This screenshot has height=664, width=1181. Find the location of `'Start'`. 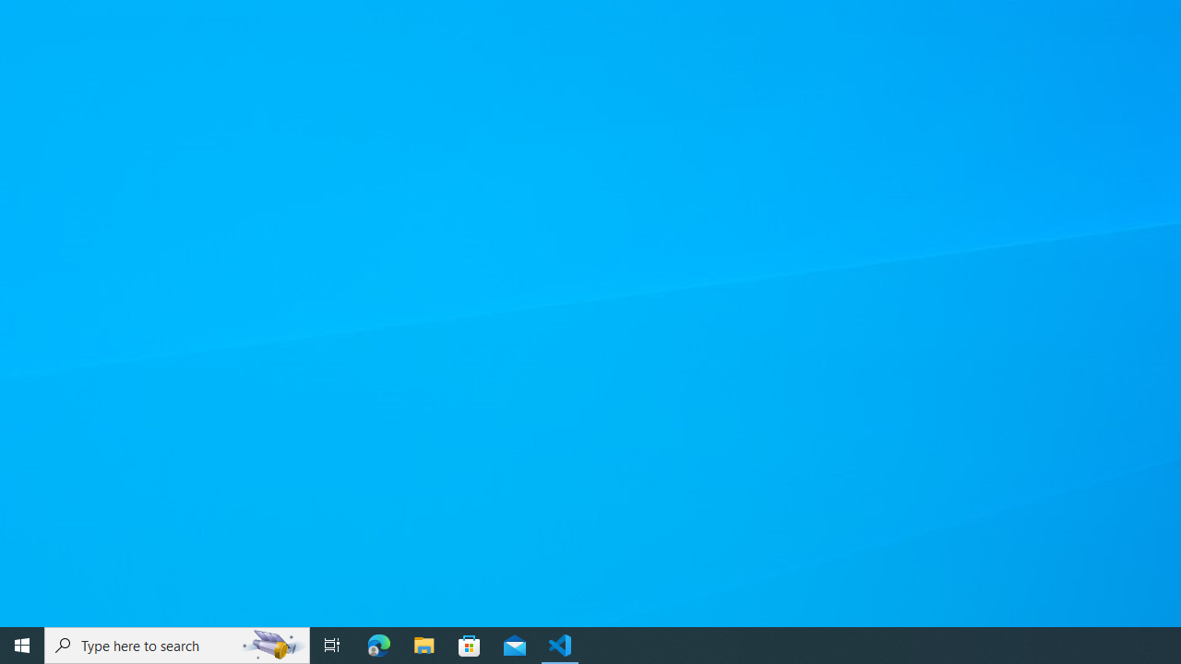

'Start' is located at coordinates (22, 644).